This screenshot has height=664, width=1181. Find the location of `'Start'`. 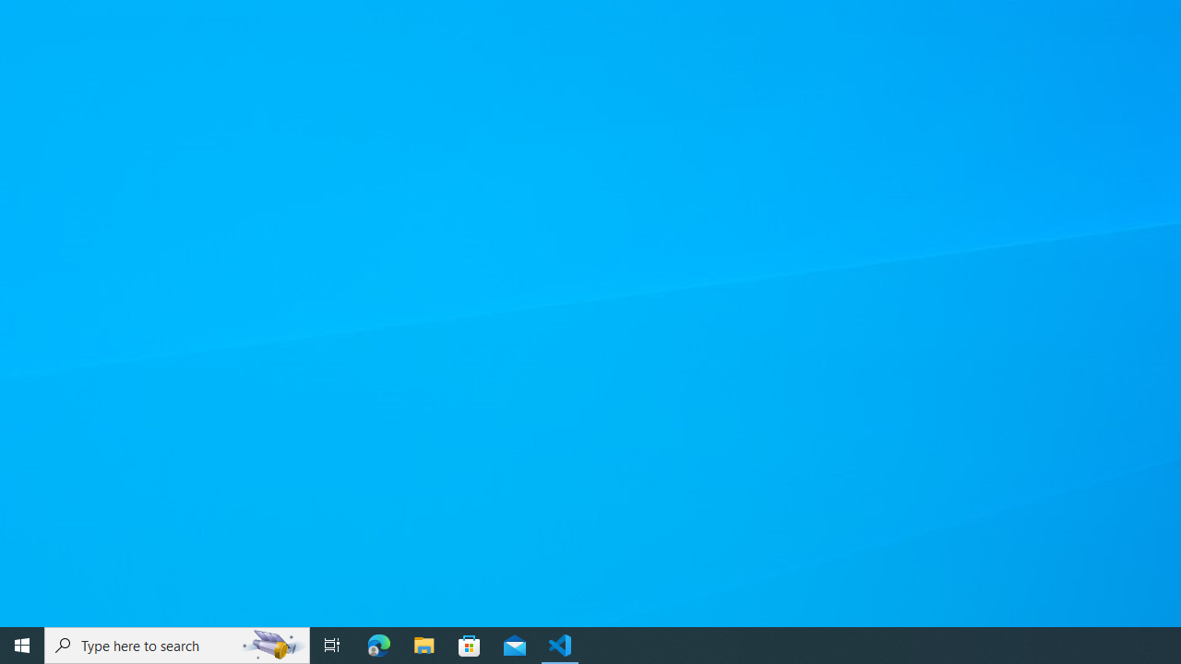

'Start' is located at coordinates (22, 644).